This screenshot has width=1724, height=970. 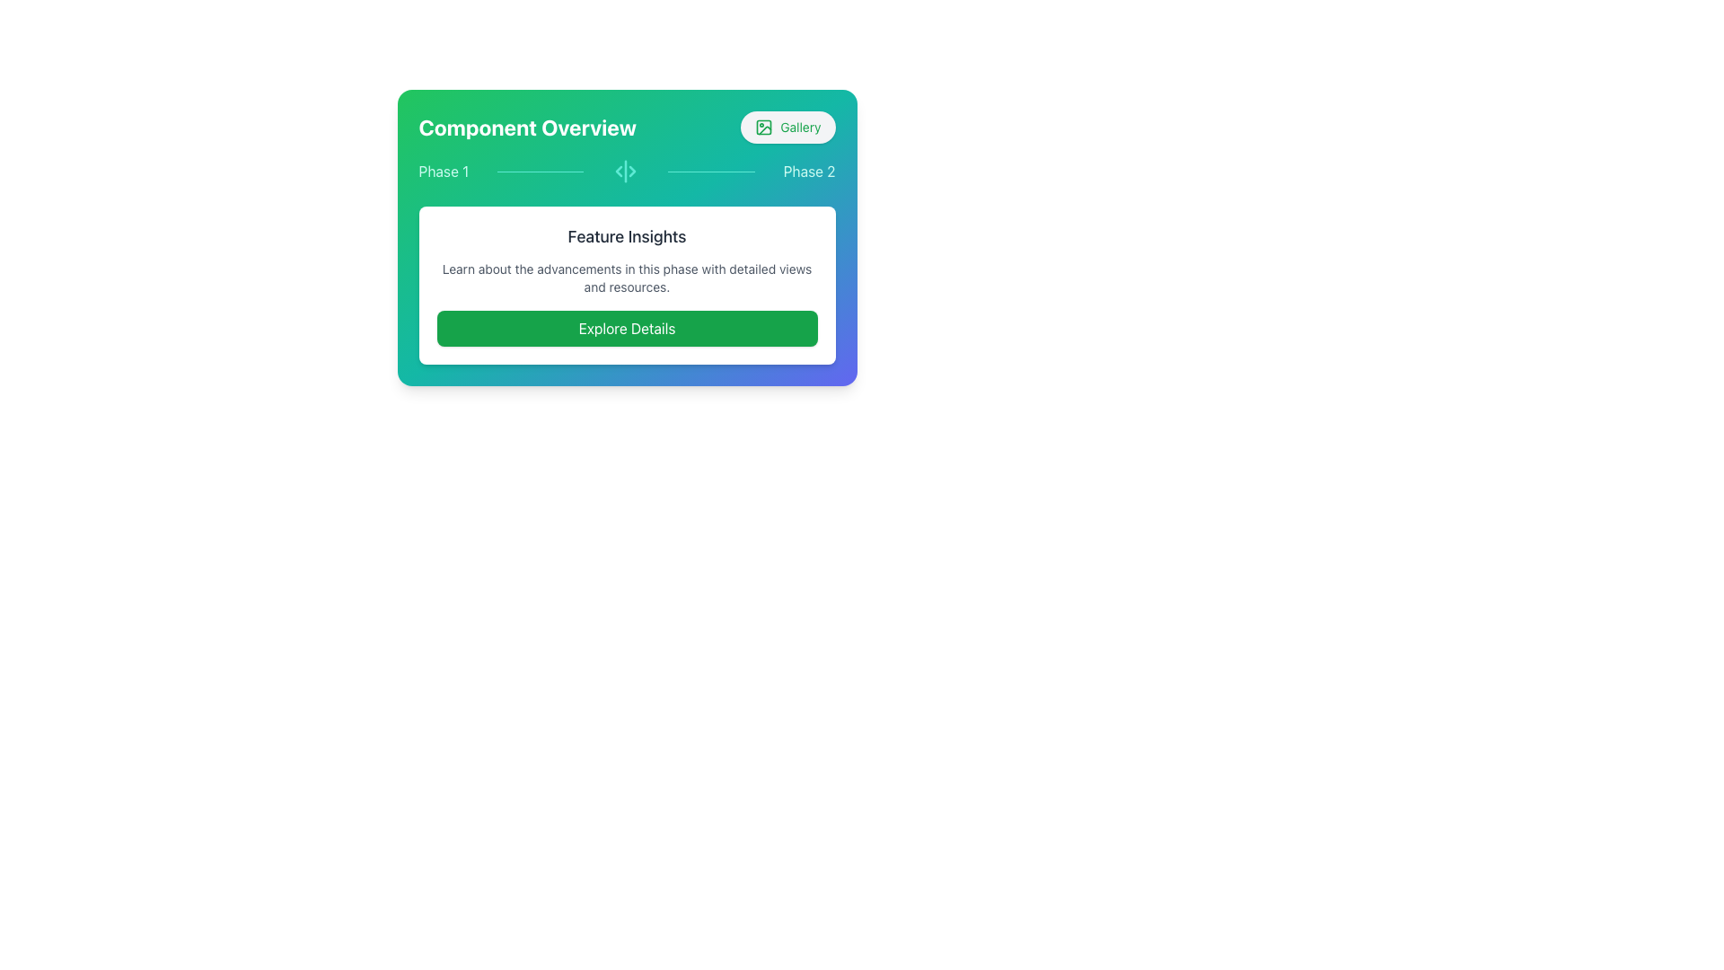 I want to click on bold, large-sized, white-colored text labeled 'Component Overview' positioned on a green background, so click(x=526, y=127).